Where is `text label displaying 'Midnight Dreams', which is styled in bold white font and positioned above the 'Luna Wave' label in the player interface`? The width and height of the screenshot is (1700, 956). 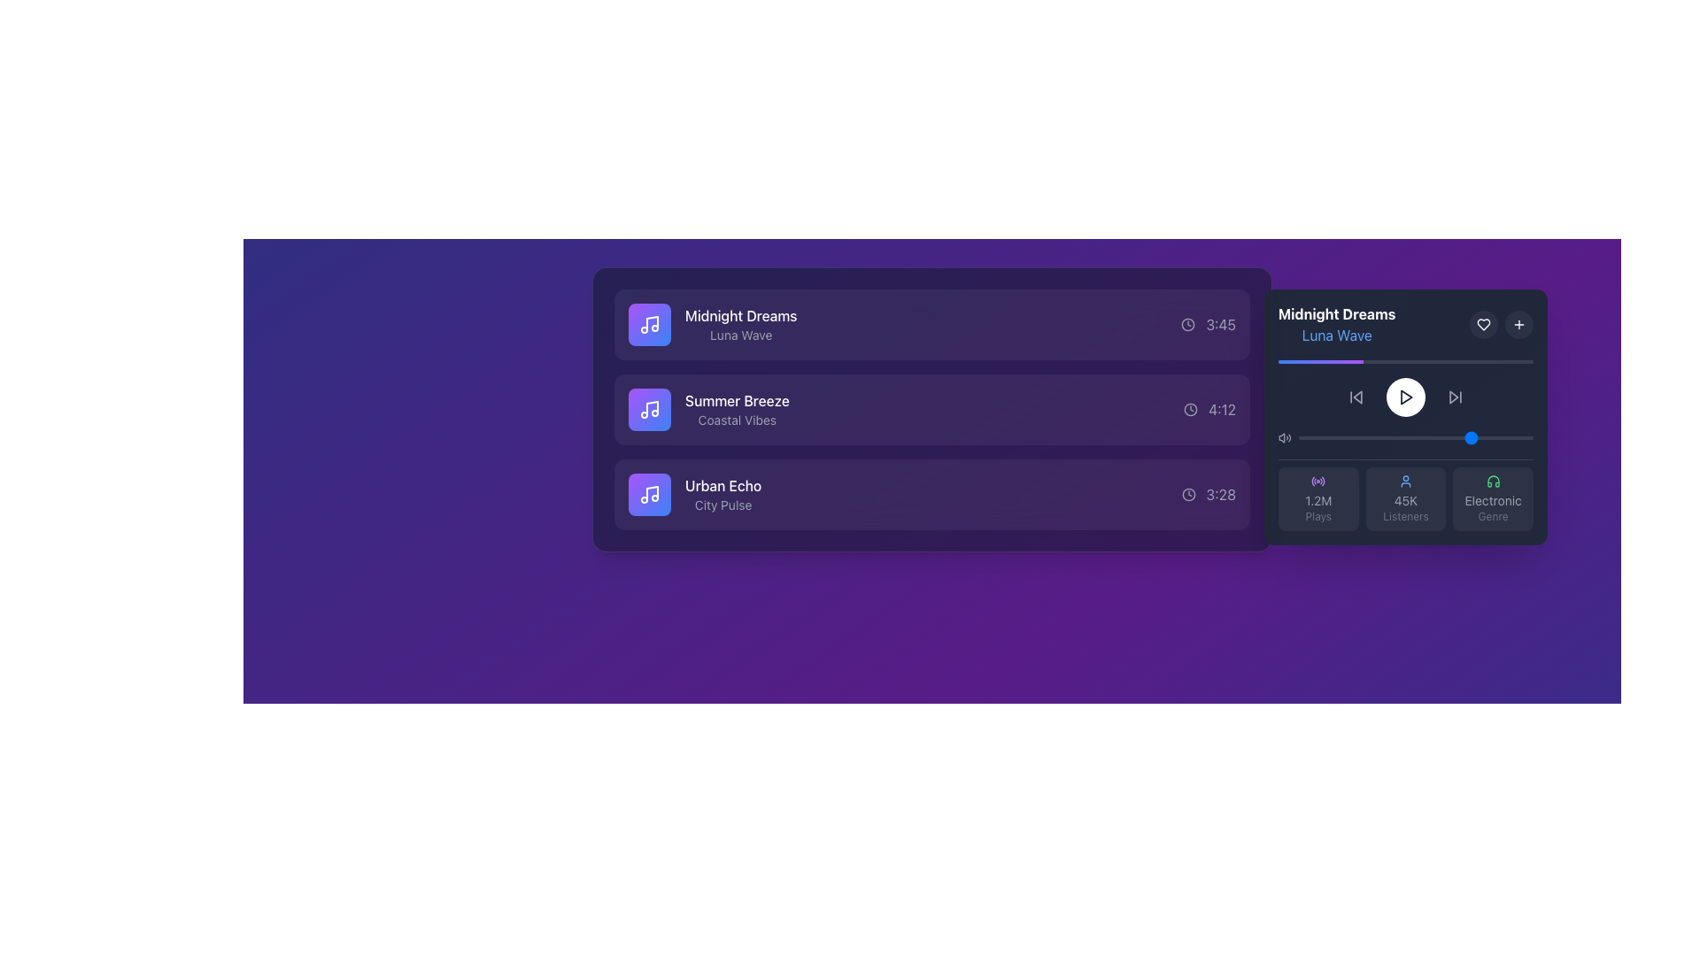
text label displaying 'Midnight Dreams', which is styled in bold white font and positioned above the 'Luna Wave' label in the player interface is located at coordinates (1337, 312).